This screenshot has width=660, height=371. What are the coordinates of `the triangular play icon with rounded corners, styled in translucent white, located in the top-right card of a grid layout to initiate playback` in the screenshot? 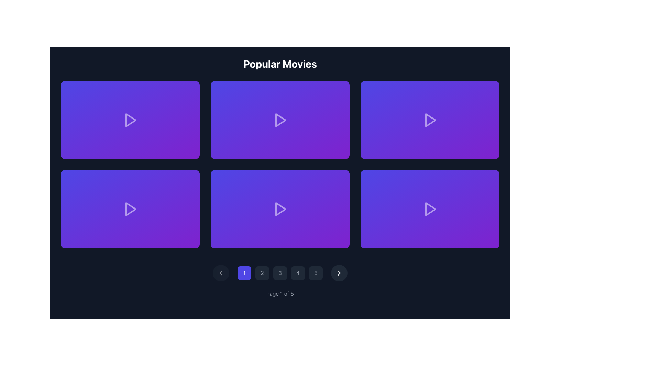 It's located at (430, 119).